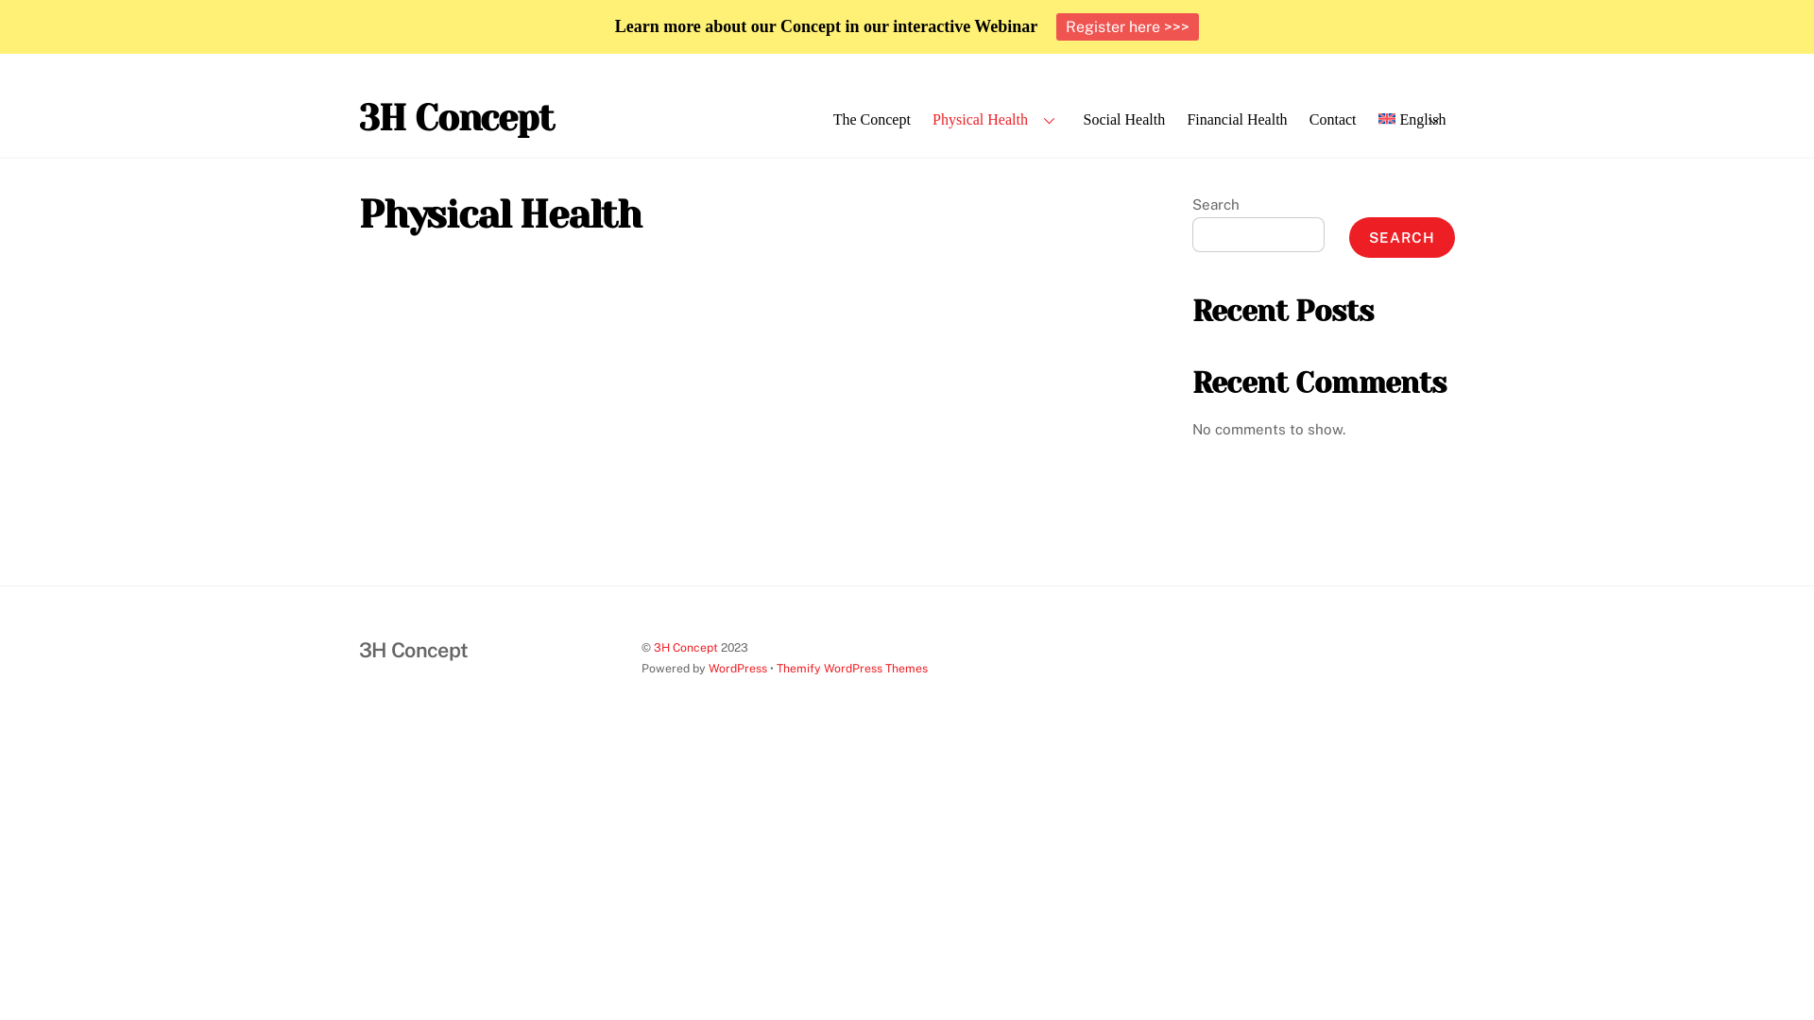 The width and height of the screenshot is (1814, 1020). I want to click on 'Financial Health', so click(1237, 120).